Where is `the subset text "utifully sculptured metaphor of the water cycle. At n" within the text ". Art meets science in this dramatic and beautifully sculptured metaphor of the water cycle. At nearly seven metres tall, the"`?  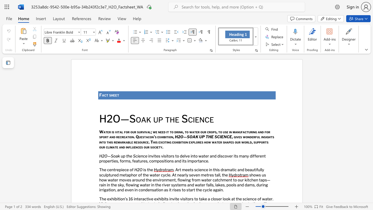 the subset text "utifully sculptured metaphor of the water cycle. At n" within the text ". Art meets science in this dramatic and beautifully sculptured metaphor of the water cycle. At nearly seven metres tall, the" is located at coordinates (252, 170).